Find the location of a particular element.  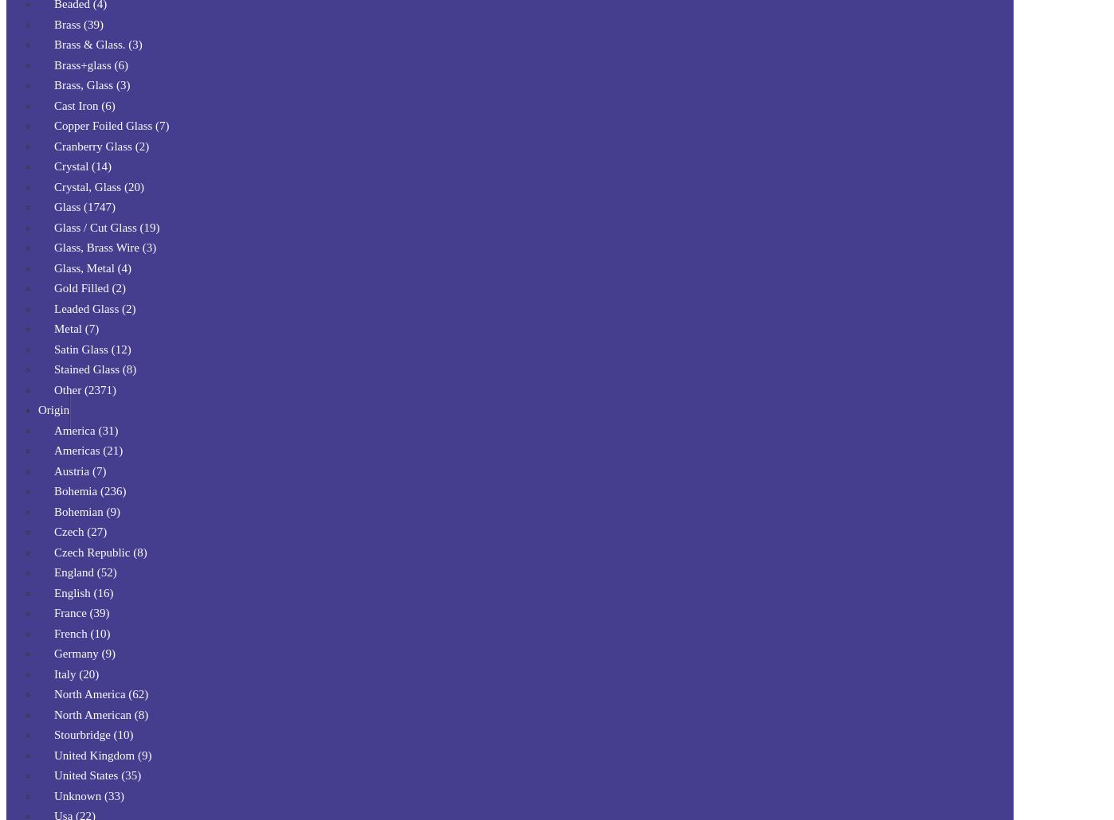

'English (16)' is located at coordinates (83, 592).